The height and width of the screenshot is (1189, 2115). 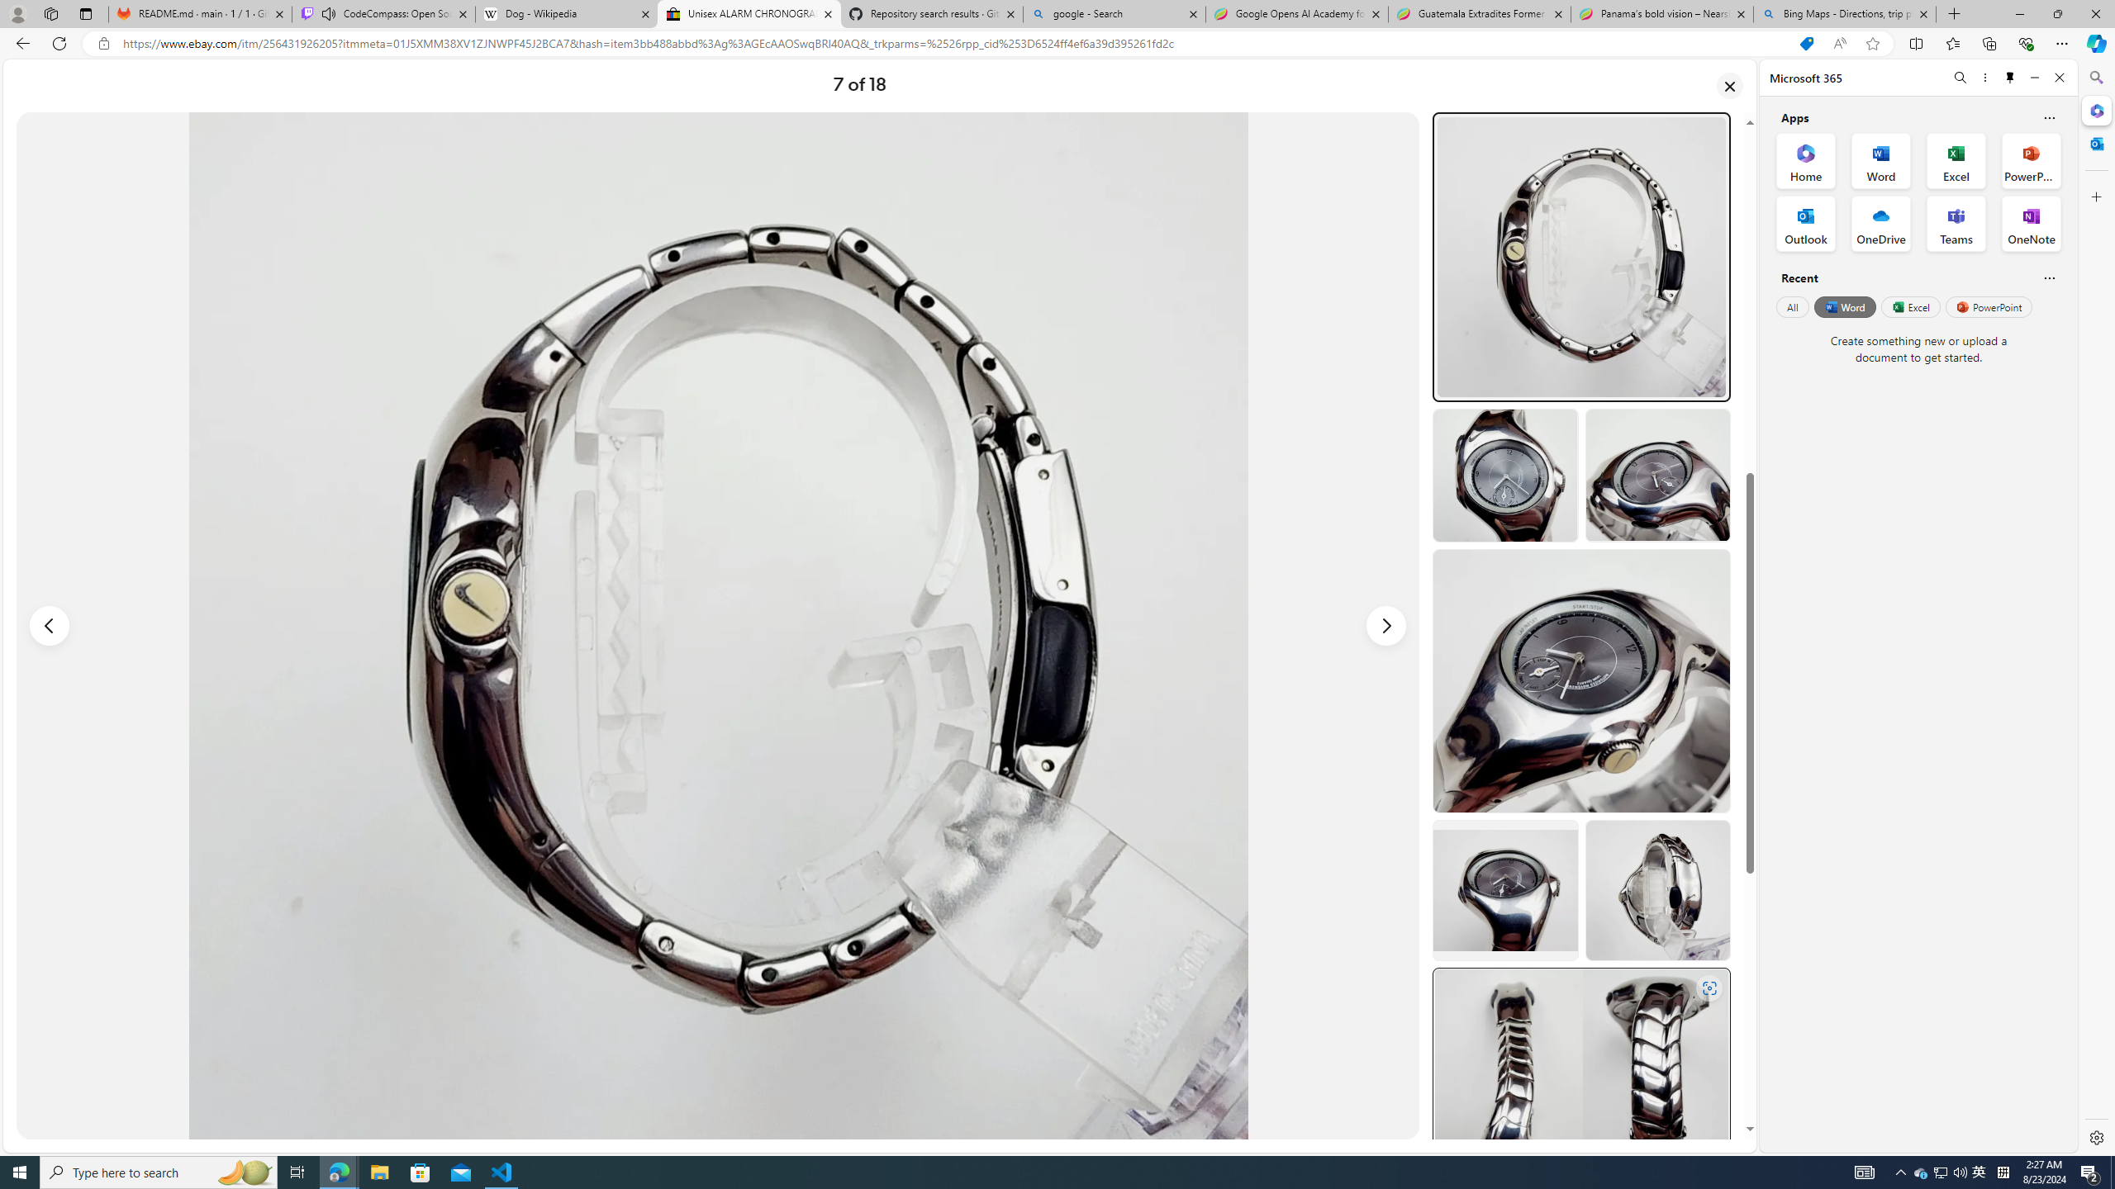 What do you see at coordinates (565, 13) in the screenshot?
I see `'Dog - Wikipedia'` at bounding box center [565, 13].